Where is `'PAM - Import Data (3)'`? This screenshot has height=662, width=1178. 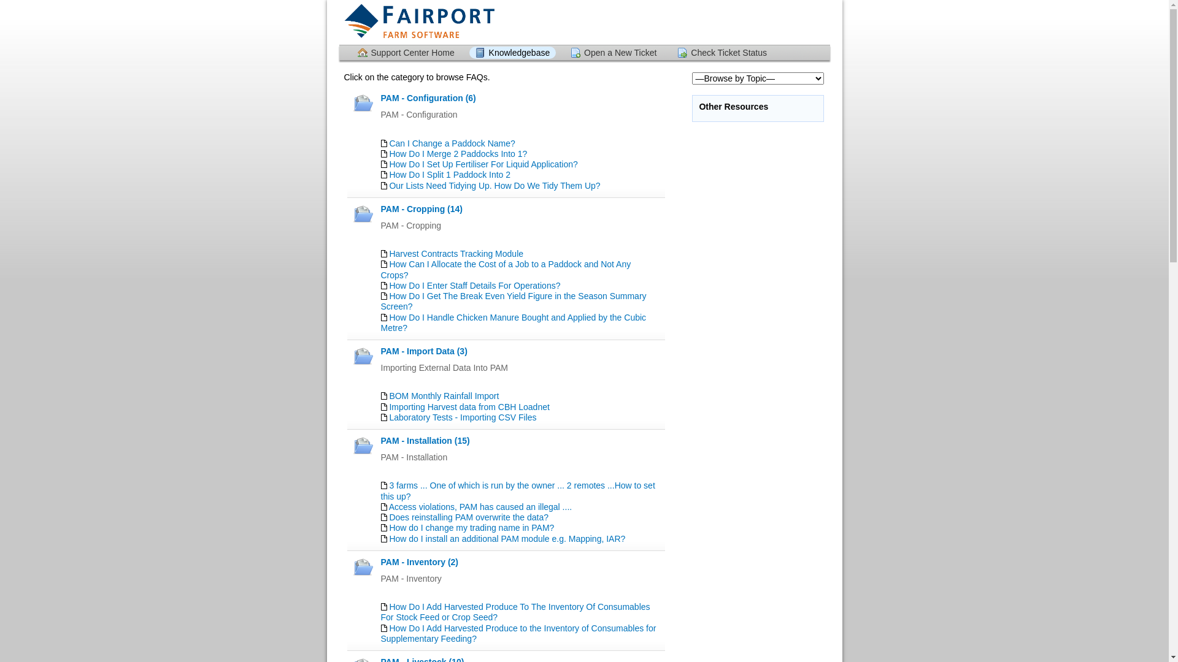
'PAM - Import Data (3)' is located at coordinates (423, 351).